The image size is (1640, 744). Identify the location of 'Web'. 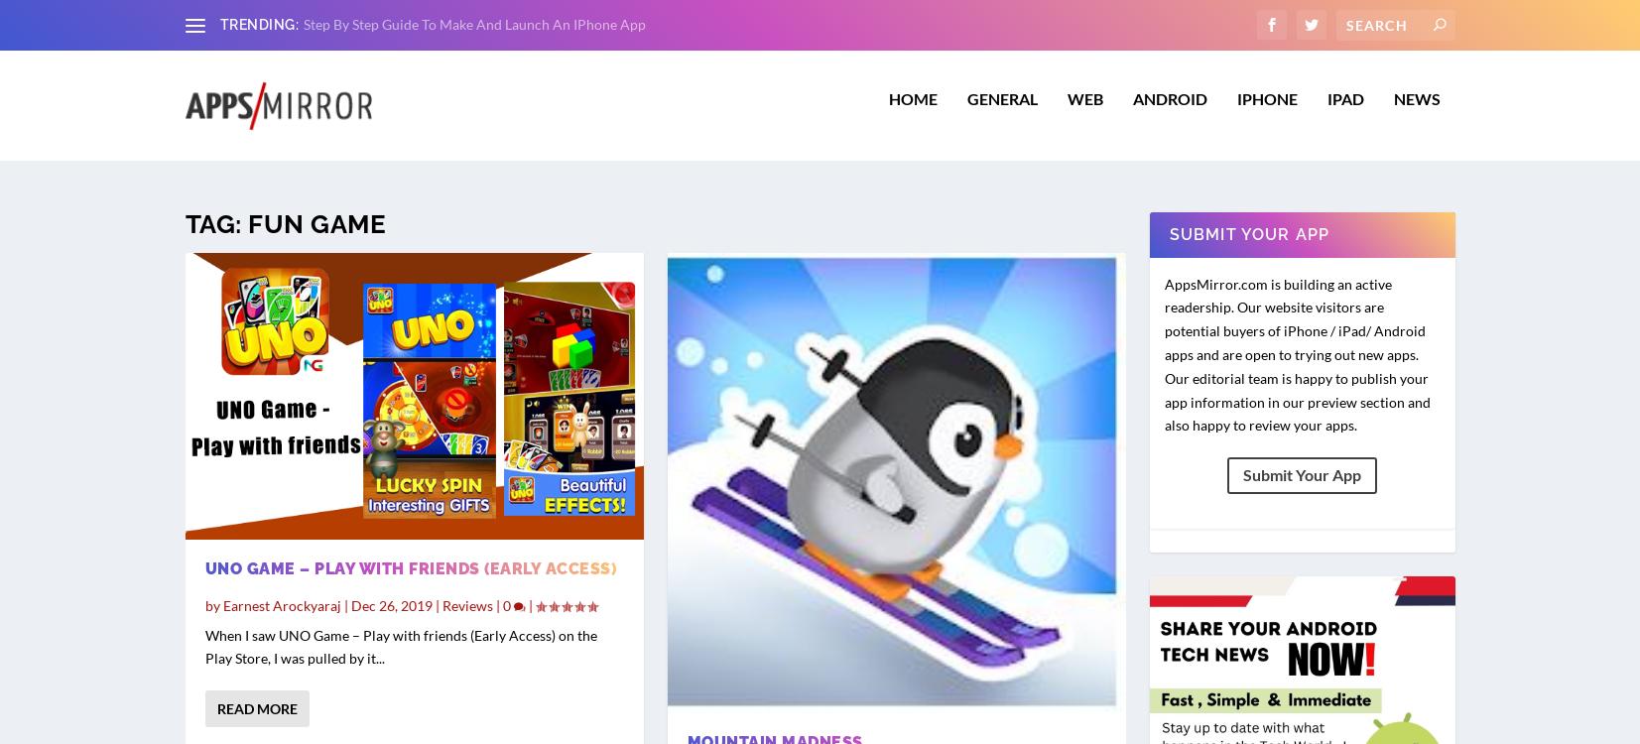
(1083, 109).